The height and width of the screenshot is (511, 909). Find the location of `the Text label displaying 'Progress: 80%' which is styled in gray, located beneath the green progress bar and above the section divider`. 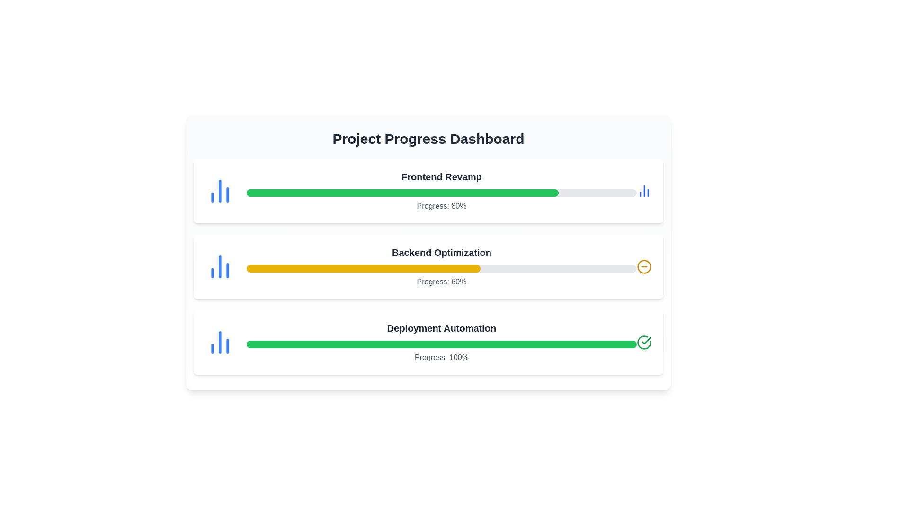

the Text label displaying 'Progress: 80%' which is styled in gray, located beneath the green progress bar and above the section divider is located at coordinates (441, 205).